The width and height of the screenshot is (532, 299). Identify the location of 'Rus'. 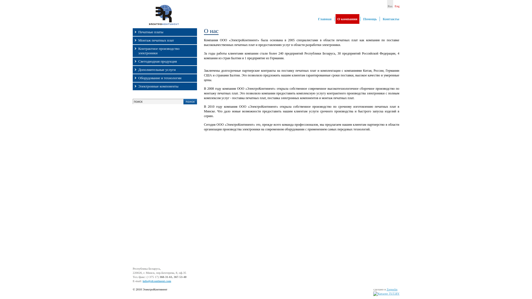
(390, 4).